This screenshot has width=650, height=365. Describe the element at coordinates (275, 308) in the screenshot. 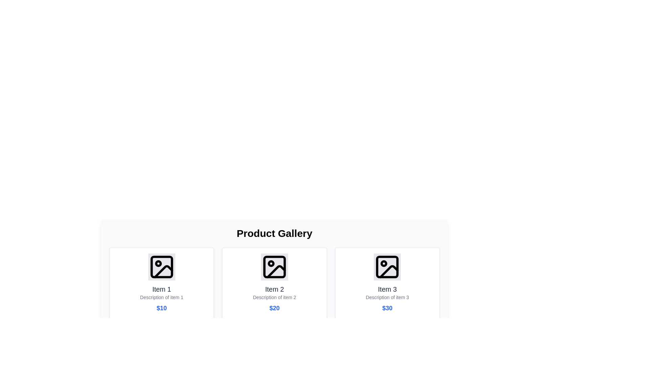

I see `the text display showing the price '$20', which is styled in bold with a larger font size and colored blue, located below 'Description of item 2'` at that location.